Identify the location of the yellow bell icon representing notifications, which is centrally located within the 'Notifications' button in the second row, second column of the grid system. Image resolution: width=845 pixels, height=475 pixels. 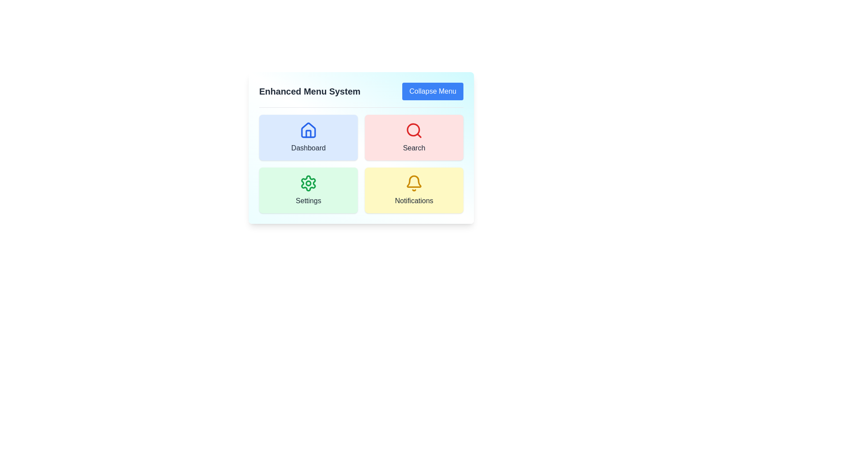
(413, 183).